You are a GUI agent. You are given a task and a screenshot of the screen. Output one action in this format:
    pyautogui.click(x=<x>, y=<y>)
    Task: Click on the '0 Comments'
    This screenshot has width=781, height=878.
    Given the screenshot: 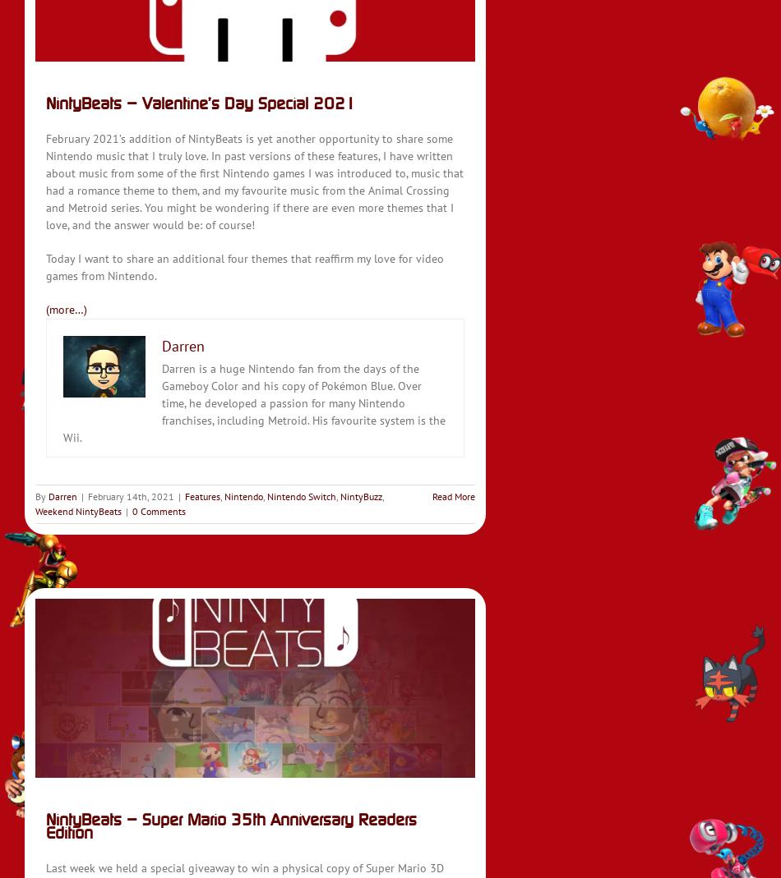 What is the action you would take?
    pyautogui.click(x=159, y=511)
    